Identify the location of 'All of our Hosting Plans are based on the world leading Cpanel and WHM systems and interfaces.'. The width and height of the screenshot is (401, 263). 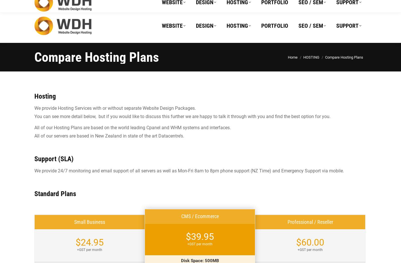
(132, 127).